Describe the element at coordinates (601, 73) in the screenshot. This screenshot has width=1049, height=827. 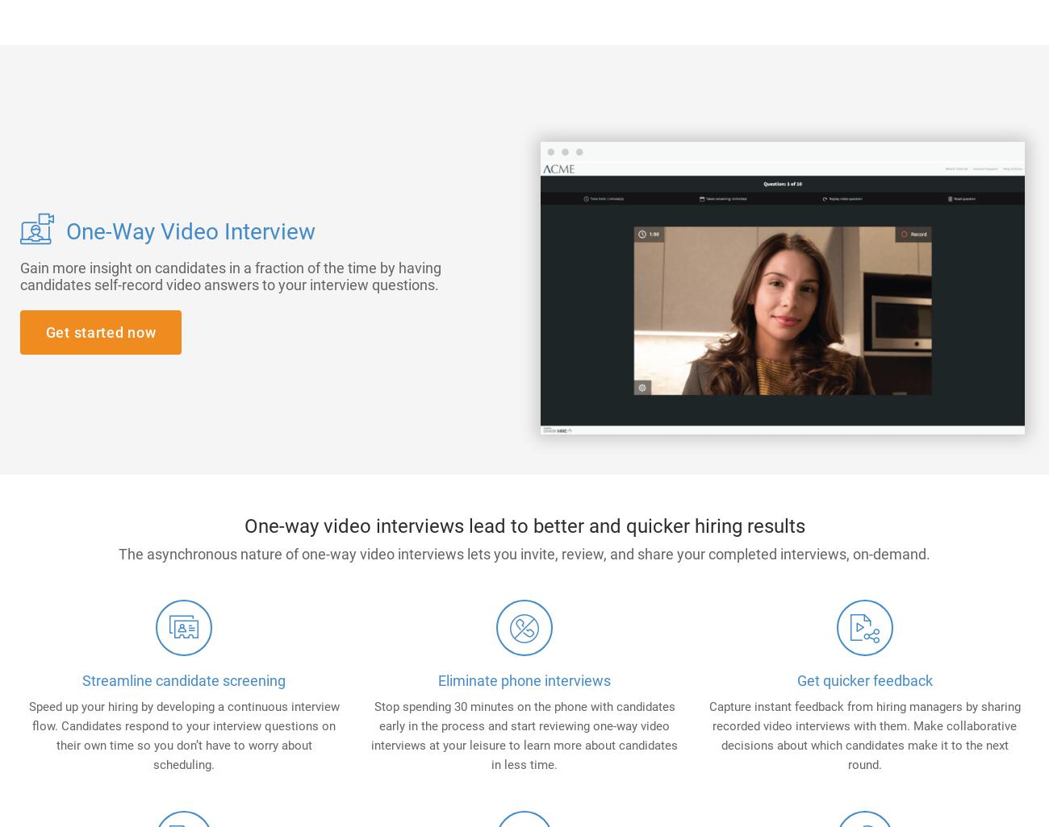
I see `'Why Spark Hire?'` at that location.